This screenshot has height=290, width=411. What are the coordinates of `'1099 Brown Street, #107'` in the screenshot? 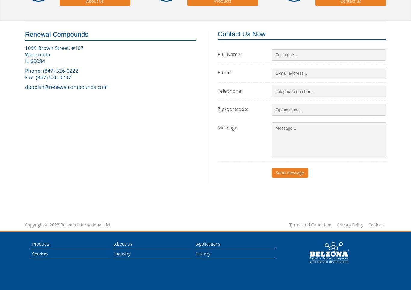 It's located at (25, 47).